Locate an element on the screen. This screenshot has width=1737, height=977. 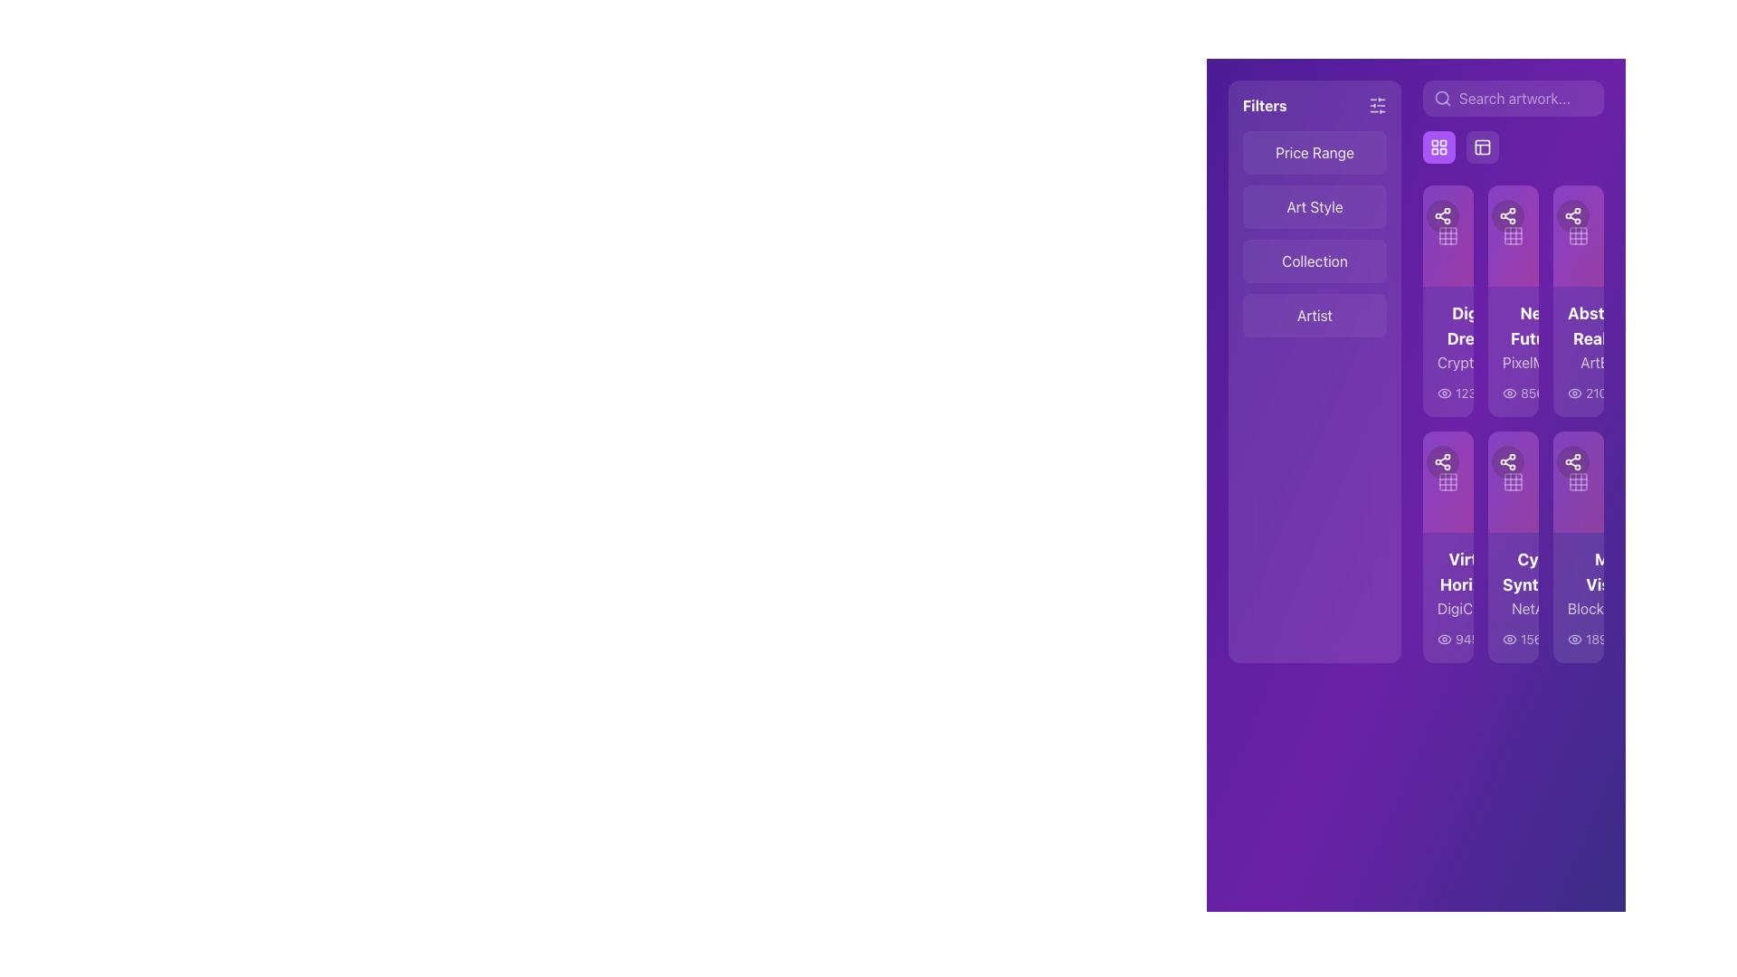
the heart icon, which is a bold outlined symbol for liking or favoriting, located at the center of the lower row of an array of grid-like cards is located at coordinates (1467, 460).